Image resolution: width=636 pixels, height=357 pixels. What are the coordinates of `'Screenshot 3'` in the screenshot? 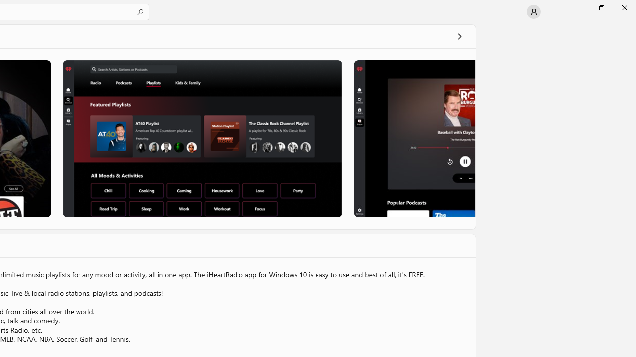 It's located at (414, 138).